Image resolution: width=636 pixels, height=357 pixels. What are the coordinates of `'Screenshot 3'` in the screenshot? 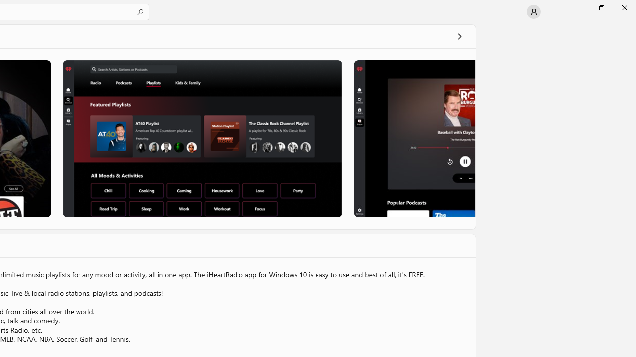 It's located at (414, 138).